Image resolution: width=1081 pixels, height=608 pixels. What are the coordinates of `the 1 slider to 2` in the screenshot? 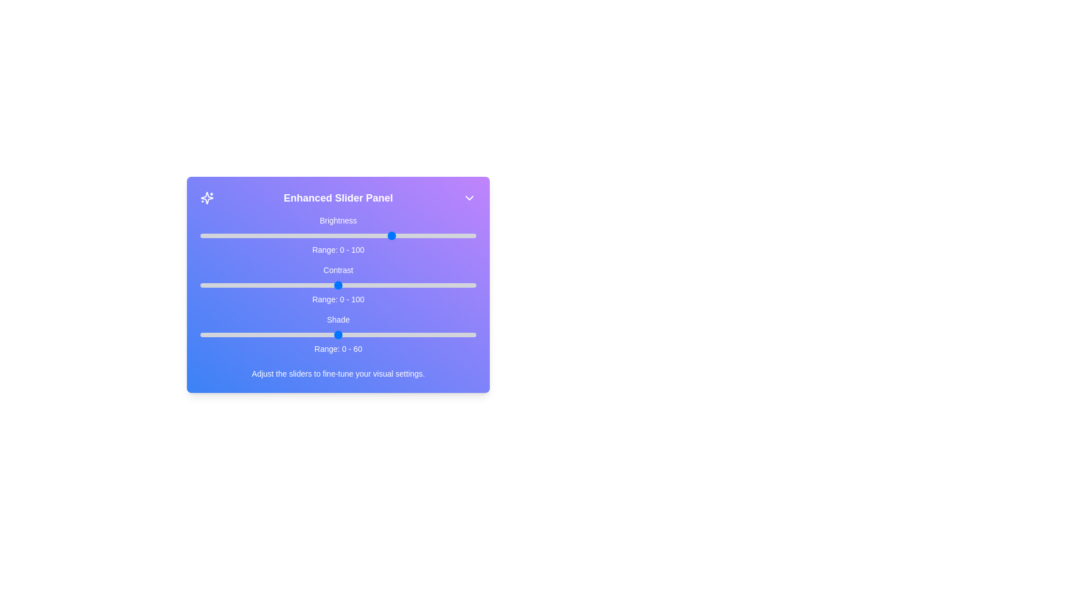 It's located at (206, 284).